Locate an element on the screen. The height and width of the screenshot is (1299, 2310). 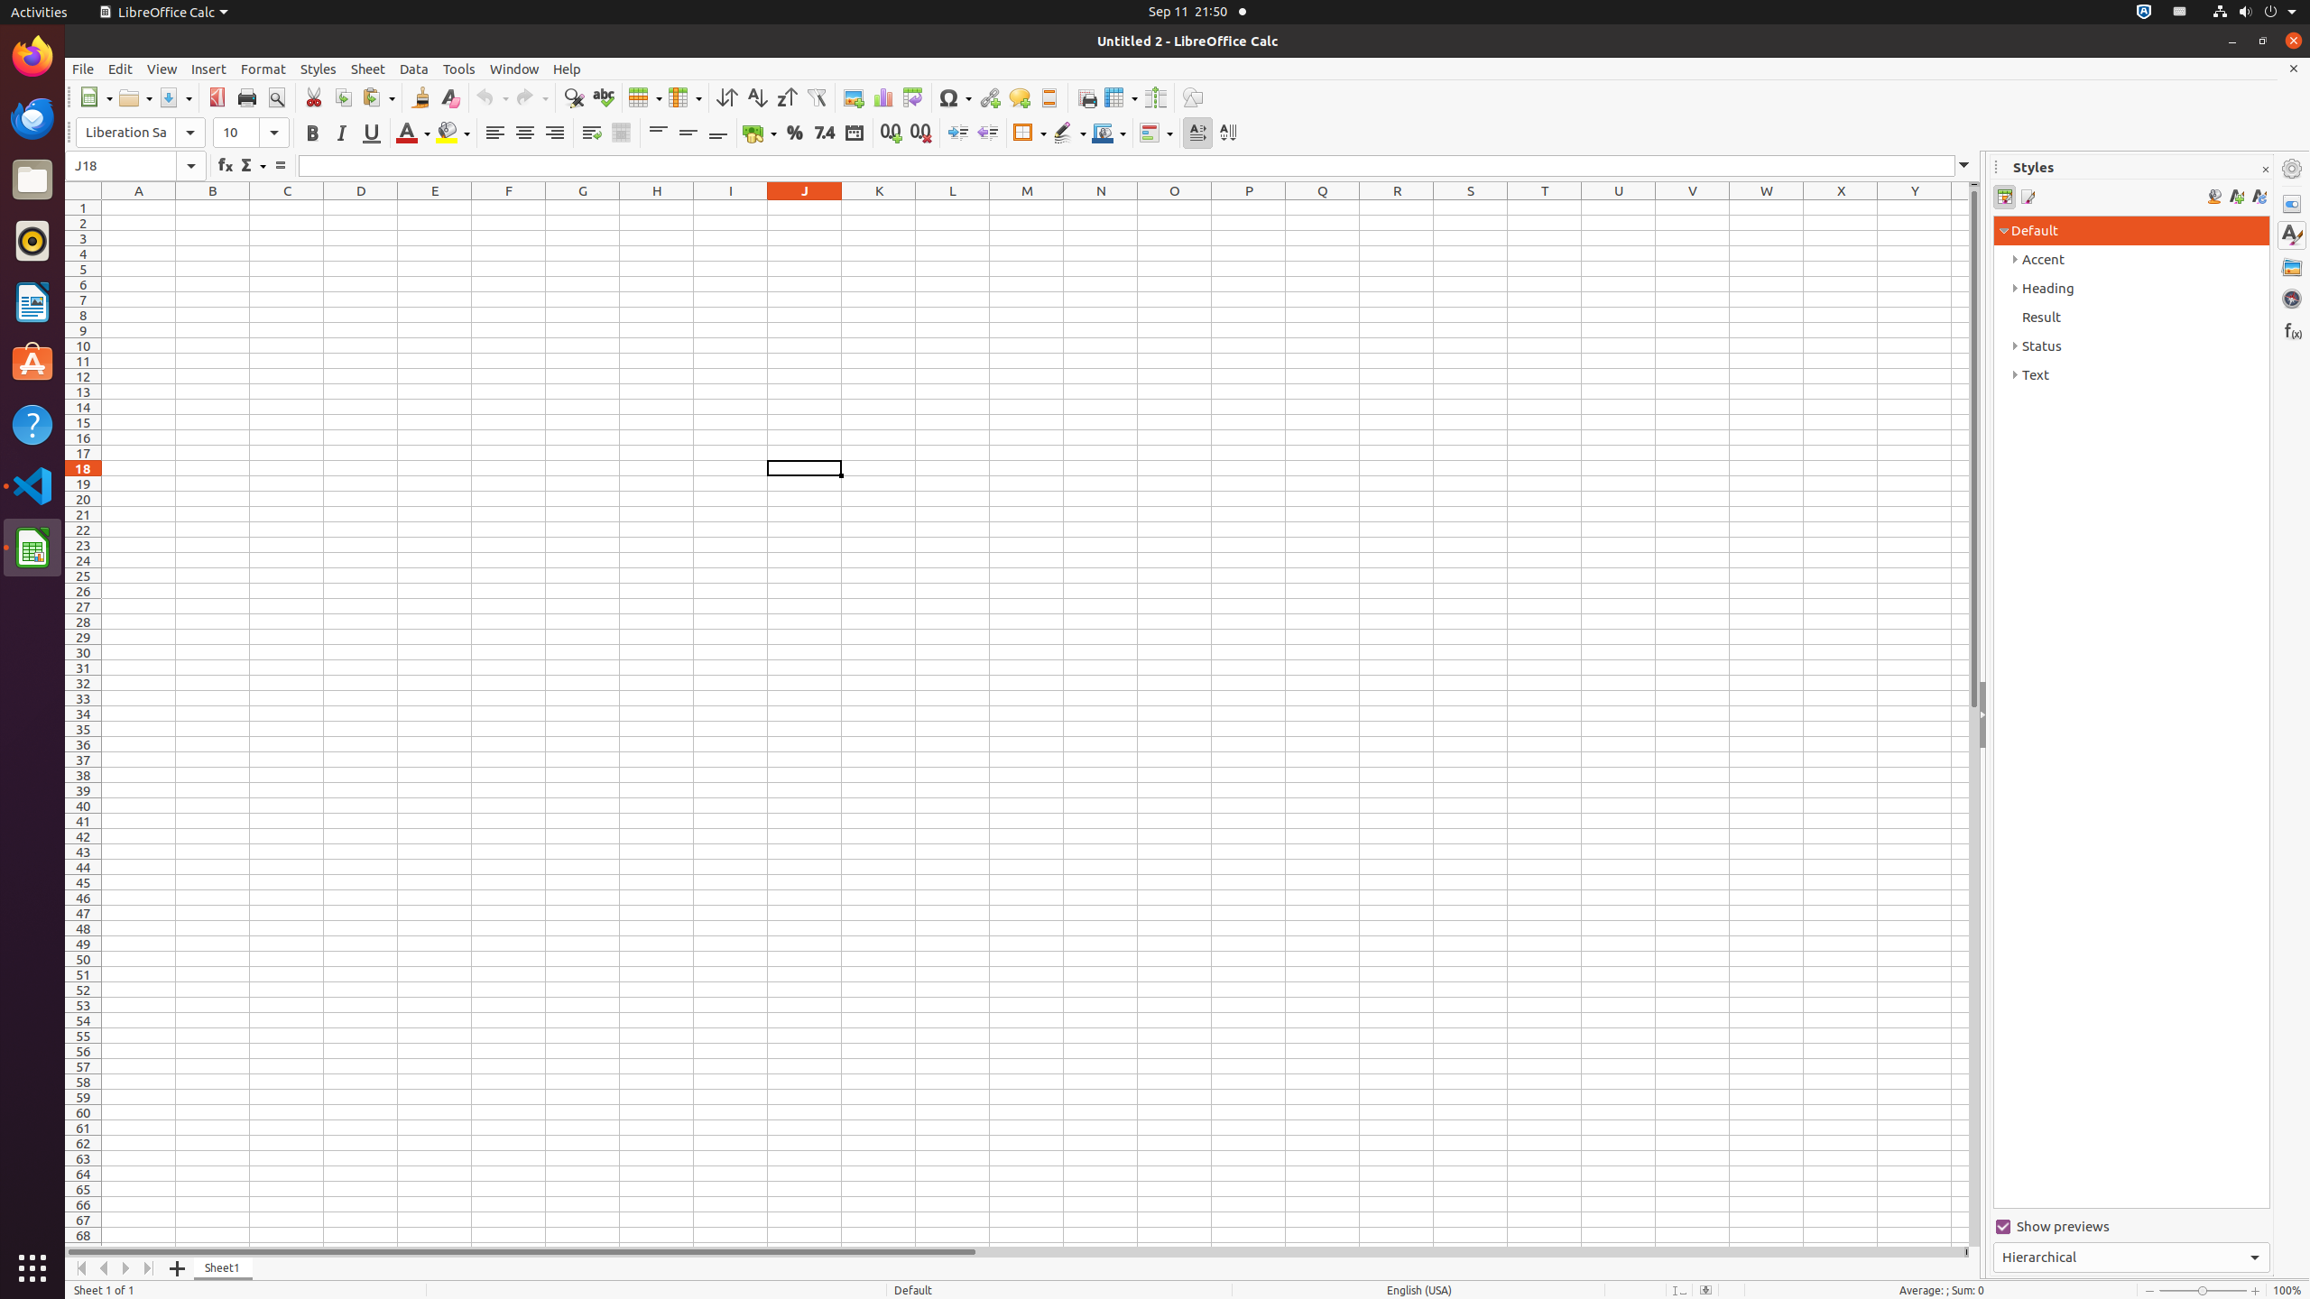
'L1' is located at coordinates (952, 207).